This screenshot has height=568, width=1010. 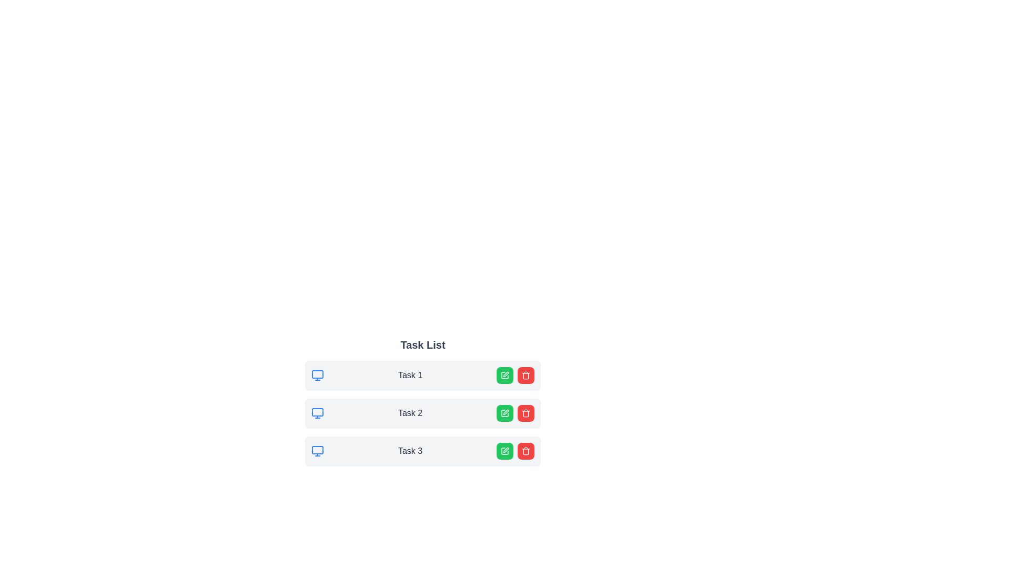 What do you see at coordinates (409, 413) in the screenshot?
I see `the text label displaying 'Task 2' which is located in the second row of the task list, centered horizontally between 'Task 1' and 'Task 3'` at bounding box center [409, 413].